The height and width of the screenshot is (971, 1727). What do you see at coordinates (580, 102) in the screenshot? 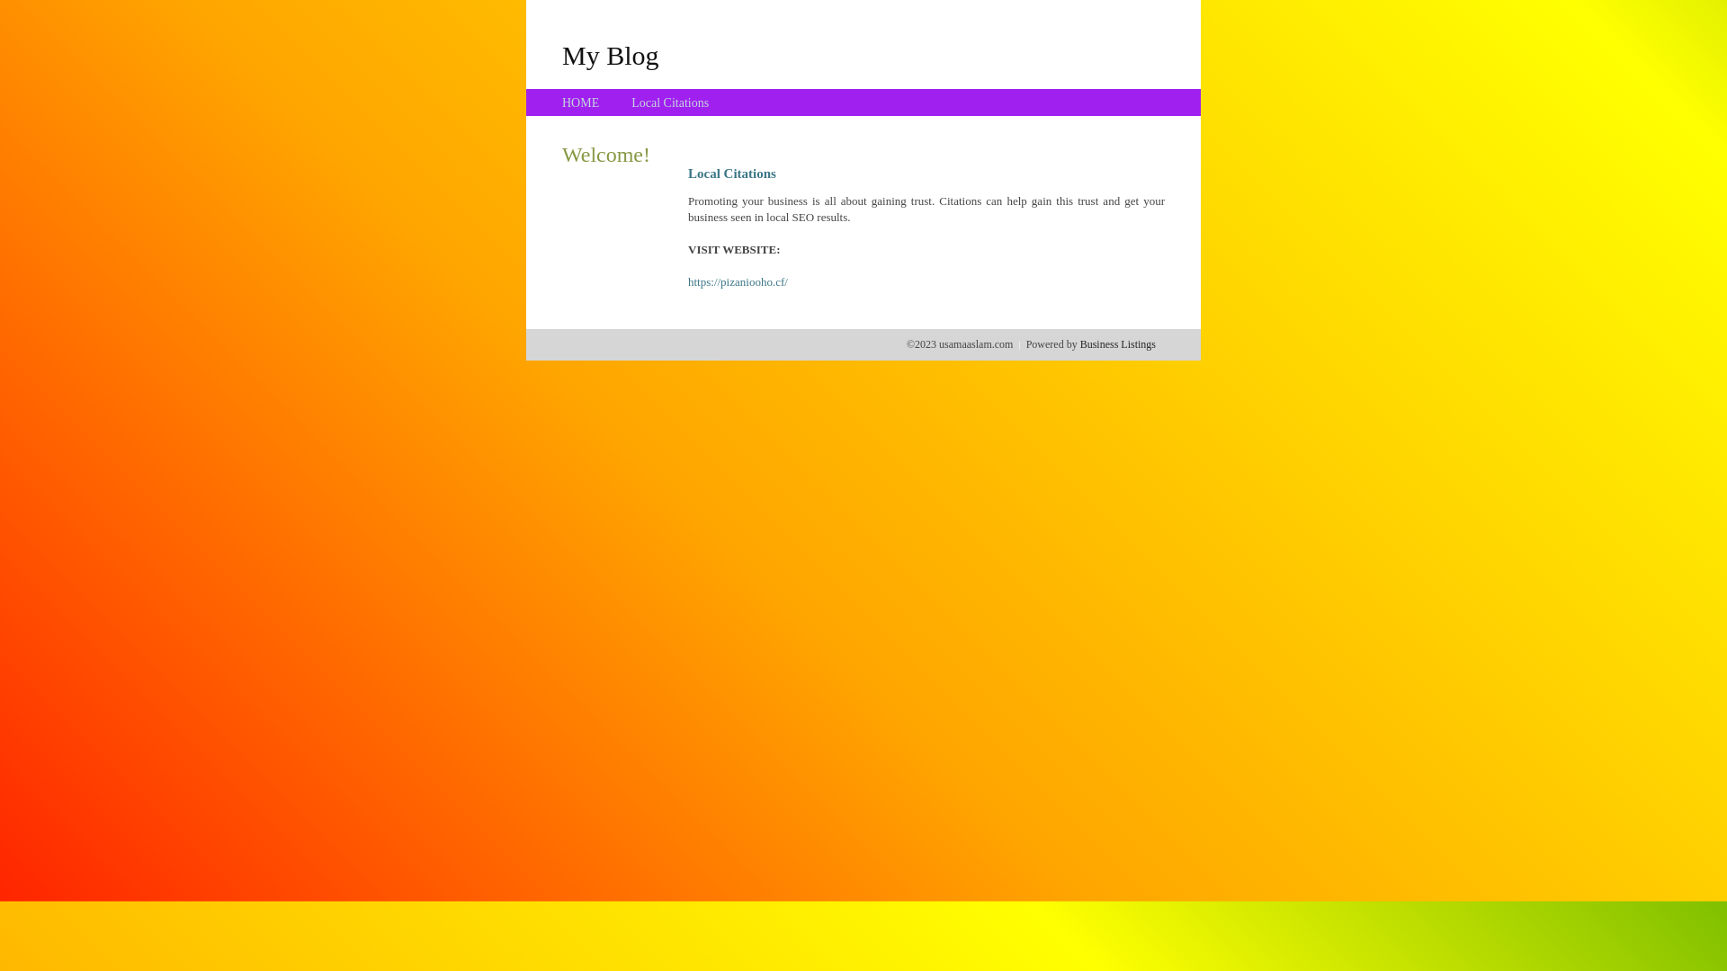
I see `'HOME'` at bounding box center [580, 102].